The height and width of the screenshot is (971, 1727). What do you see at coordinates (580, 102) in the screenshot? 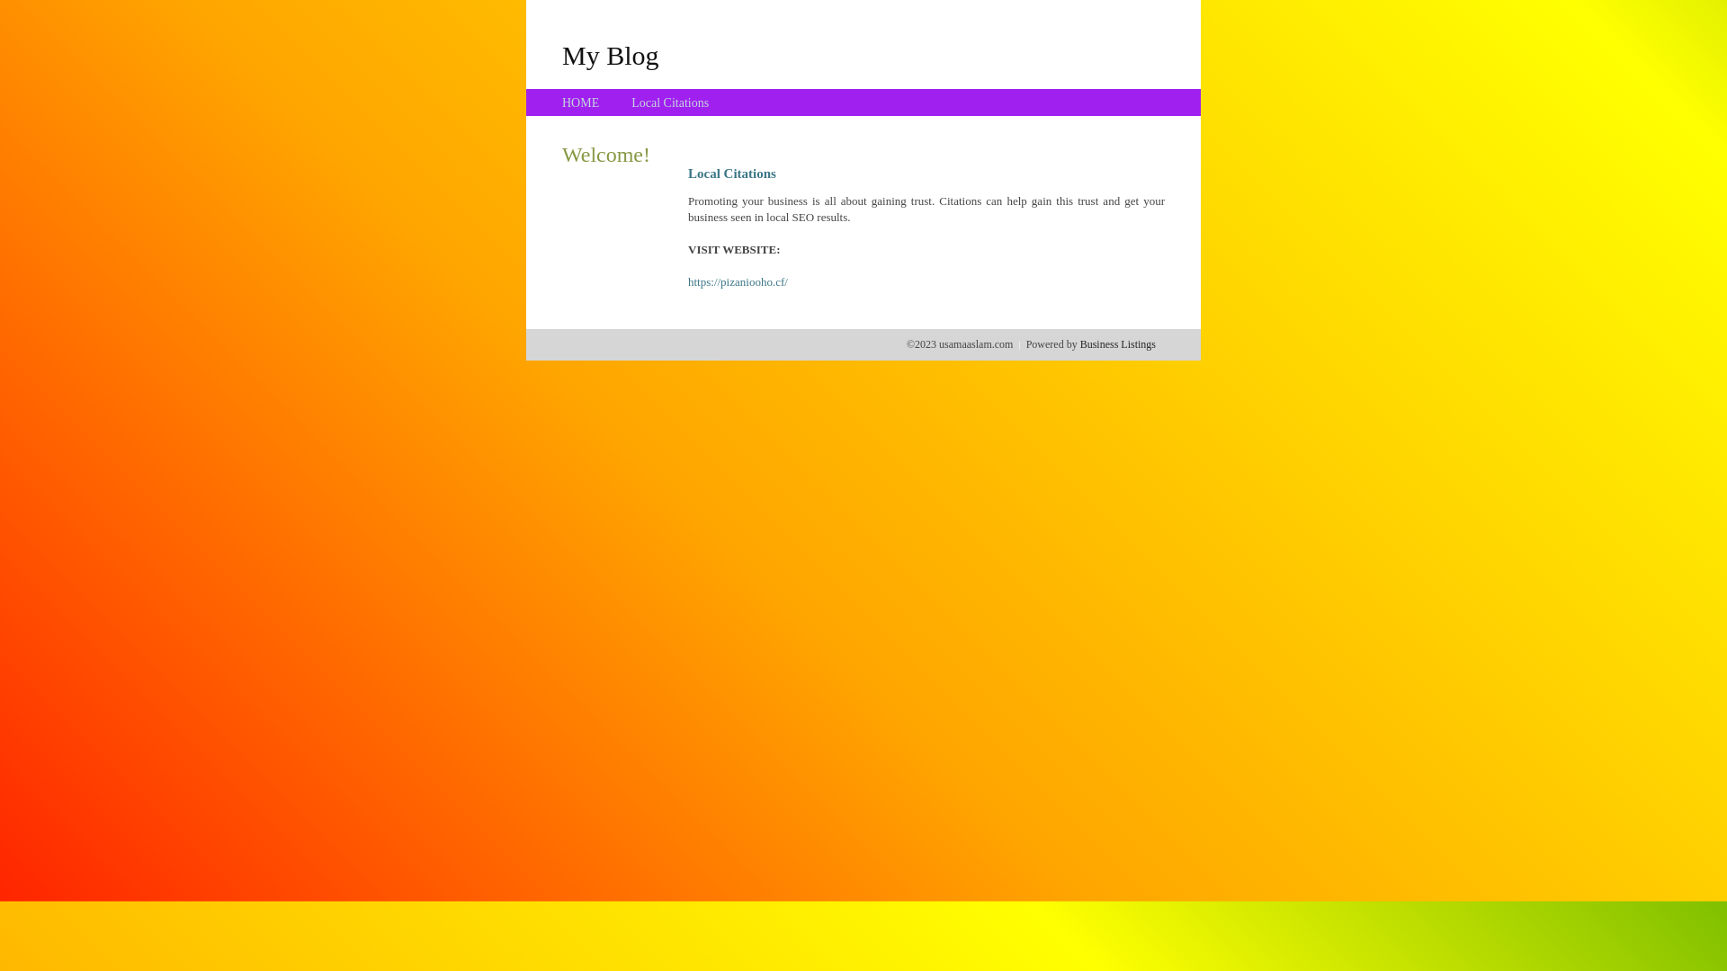
I see `'HOME'` at bounding box center [580, 102].